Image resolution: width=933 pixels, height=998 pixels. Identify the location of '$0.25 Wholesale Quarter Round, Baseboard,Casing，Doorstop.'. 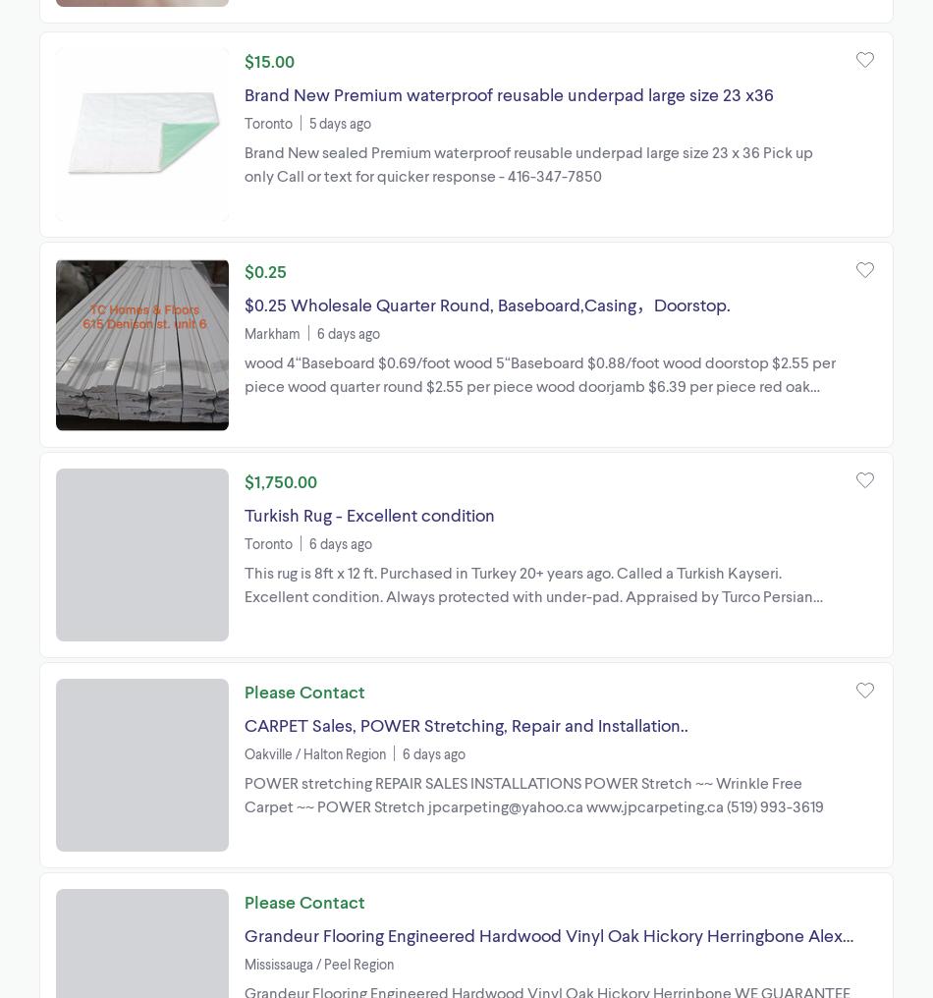
(243, 302).